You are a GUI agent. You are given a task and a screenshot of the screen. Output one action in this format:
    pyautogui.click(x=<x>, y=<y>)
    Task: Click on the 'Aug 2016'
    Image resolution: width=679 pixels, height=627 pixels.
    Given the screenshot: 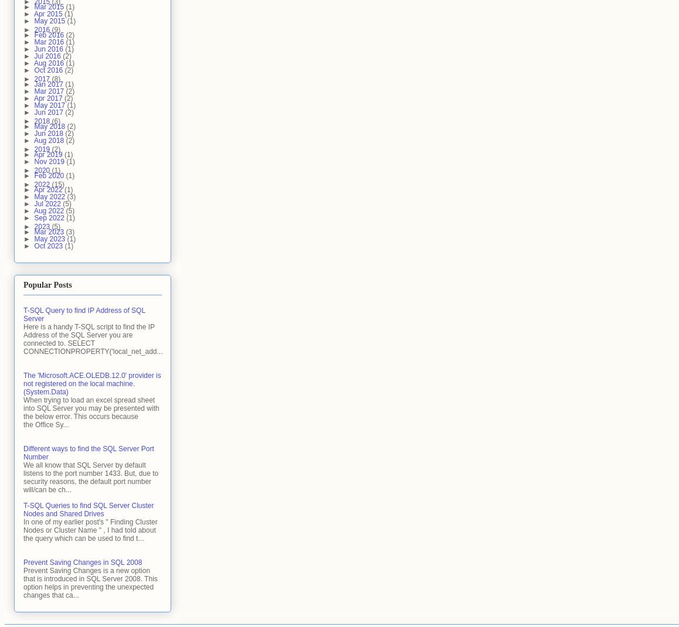 What is the action you would take?
    pyautogui.click(x=49, y=63)
    